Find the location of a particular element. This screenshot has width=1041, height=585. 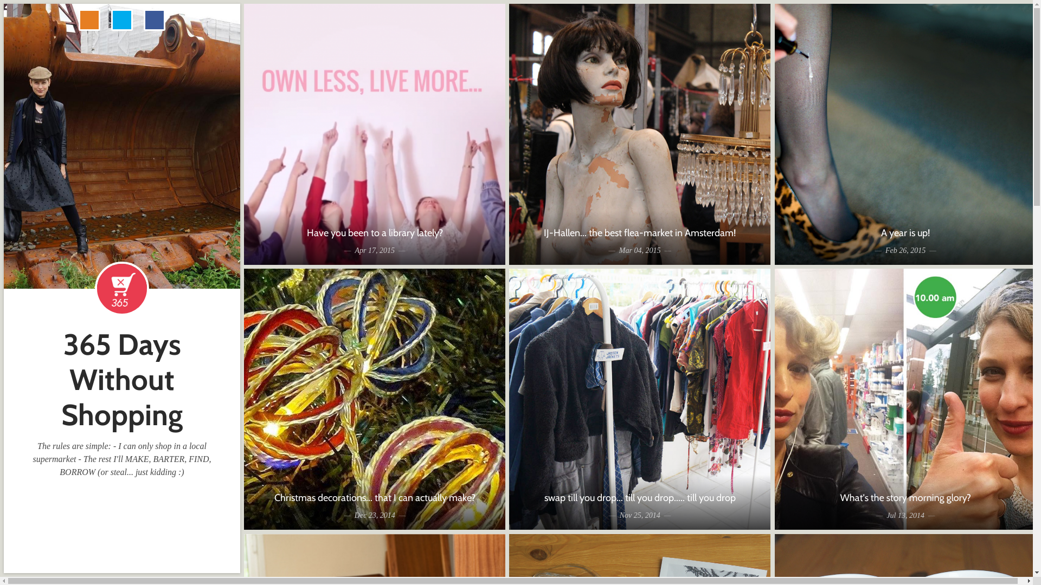

'365 Days Without Shopping' is located at coordinates (122, 379).